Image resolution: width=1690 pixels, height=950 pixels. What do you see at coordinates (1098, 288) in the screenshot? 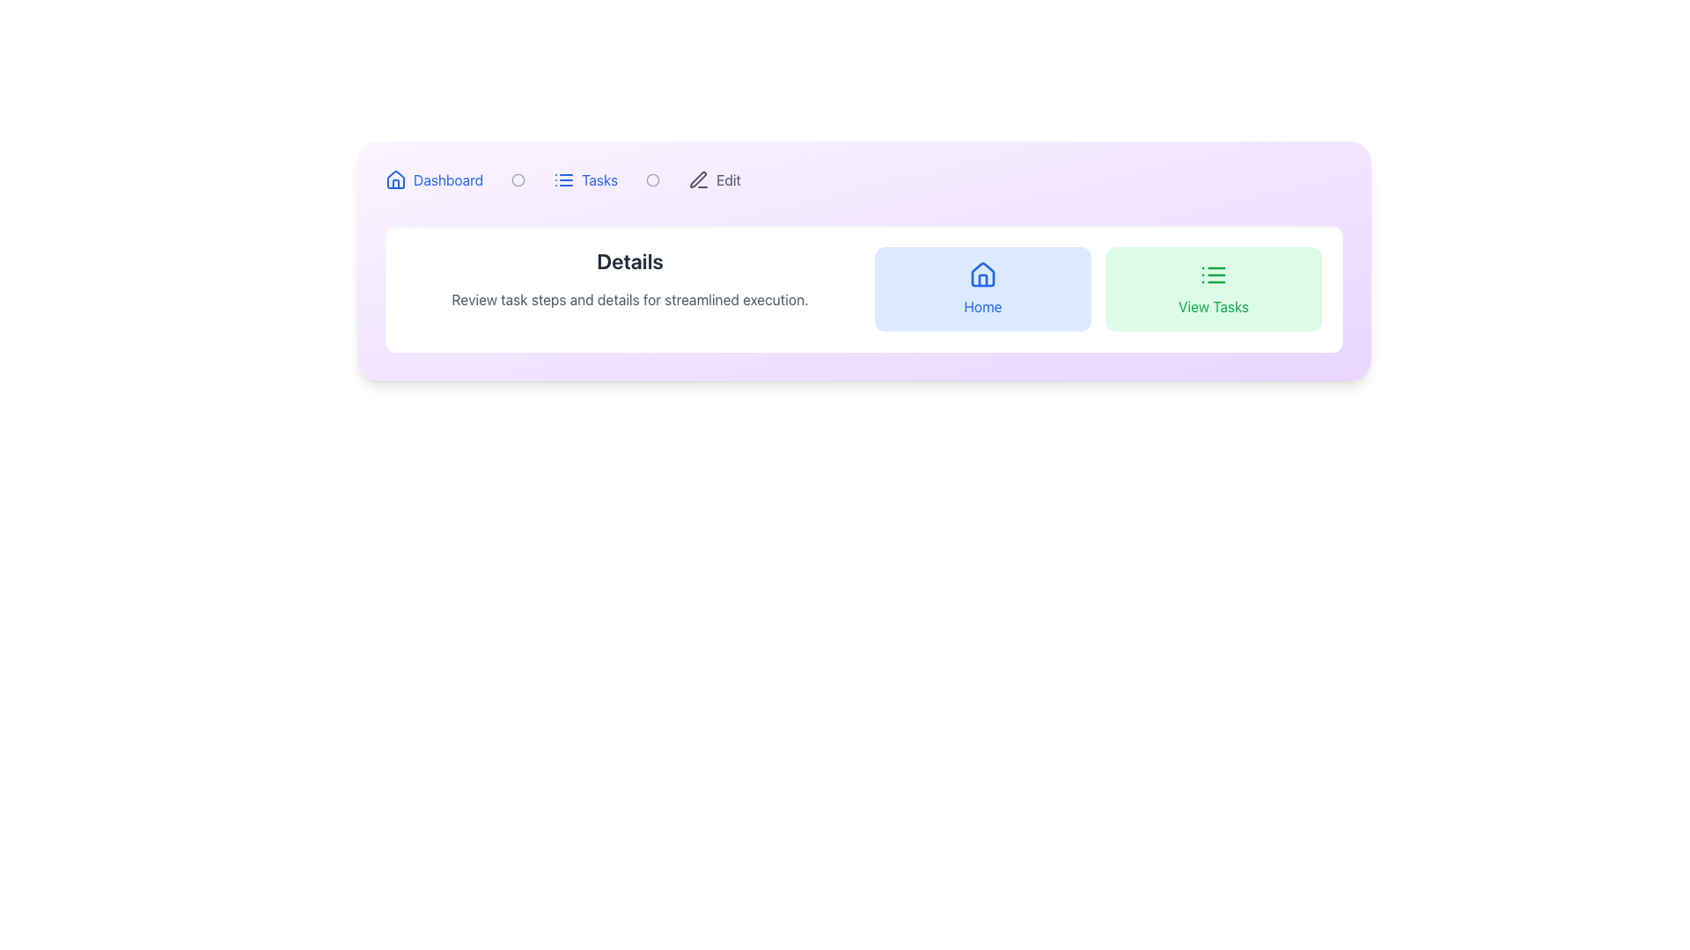
I see `the Navigation Bar located below the 'Details' title, which has 'Home' on the left and 'View Tasks' on the right, for additional visual feedback` at bounding box center [1098, 288].